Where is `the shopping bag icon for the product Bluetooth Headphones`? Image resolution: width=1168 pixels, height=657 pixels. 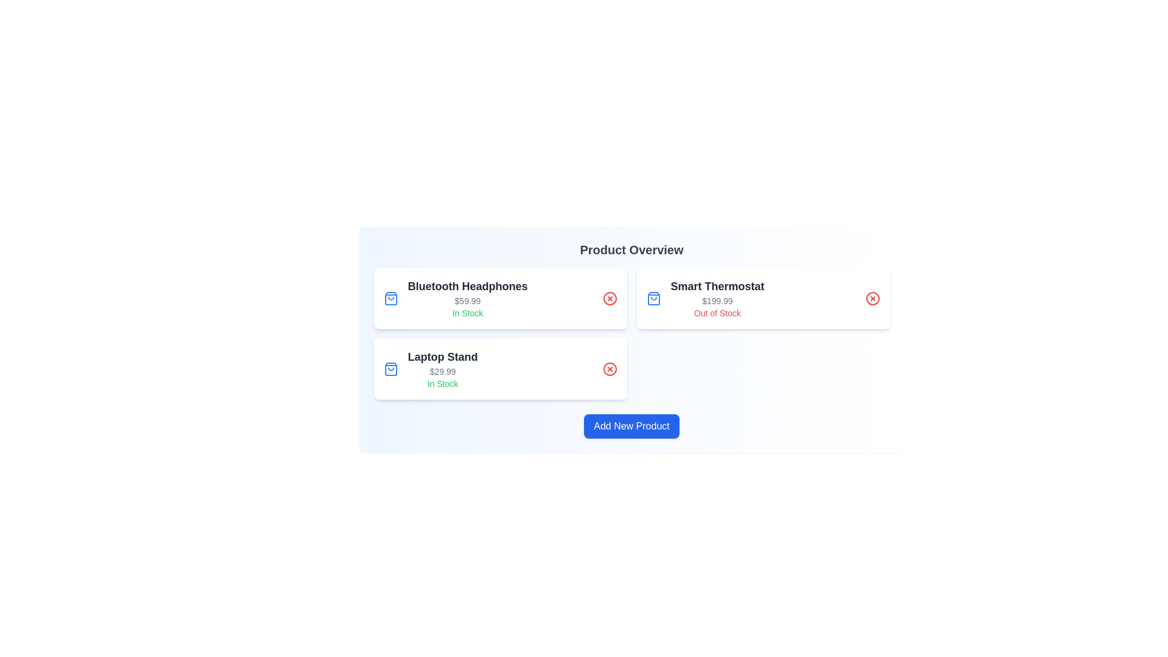 the shopping bag icon for the product Bluetooth Headphones is located at coordinates (391, 298).